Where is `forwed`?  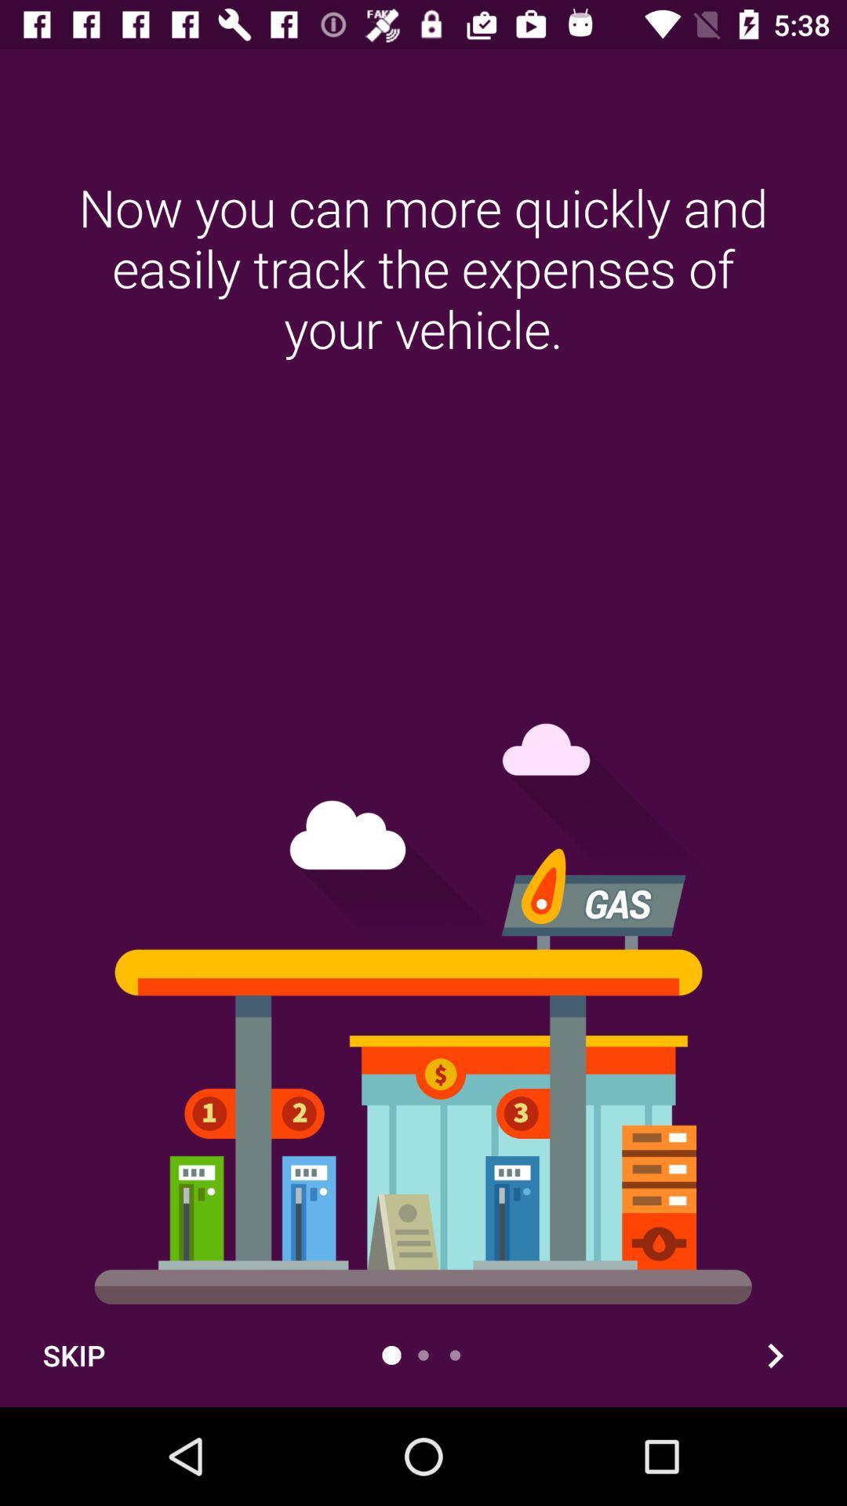
forwed is located at coordinates (774, 1355).